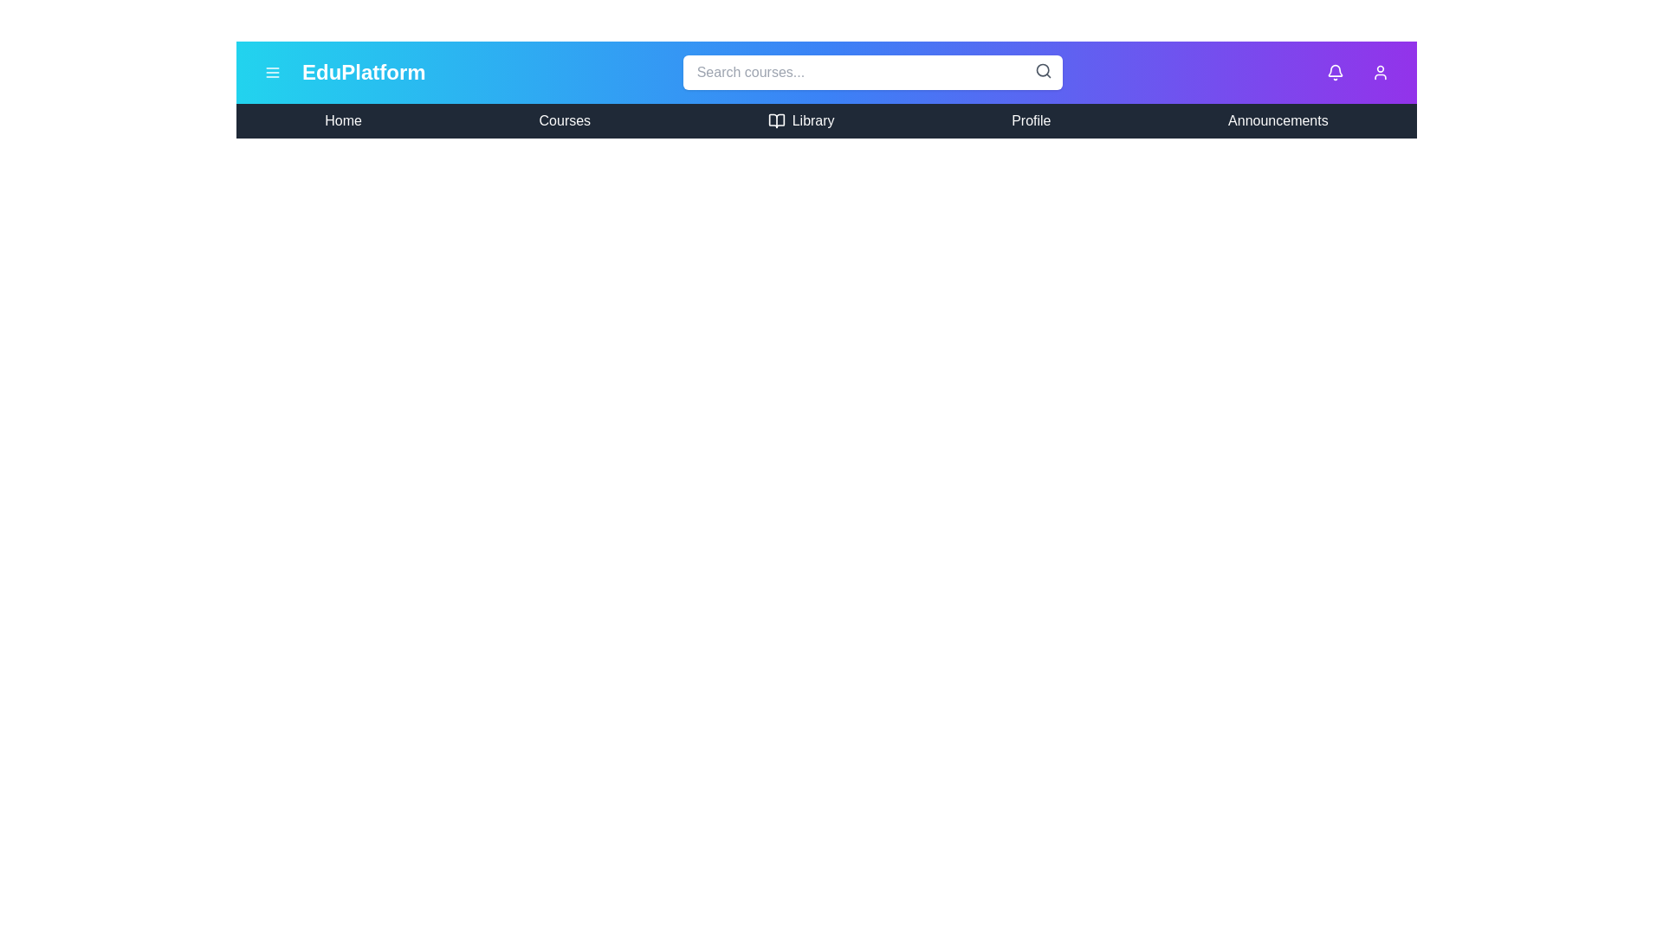  I want to click on the bell icon to access notifications, so click(1334, 72).